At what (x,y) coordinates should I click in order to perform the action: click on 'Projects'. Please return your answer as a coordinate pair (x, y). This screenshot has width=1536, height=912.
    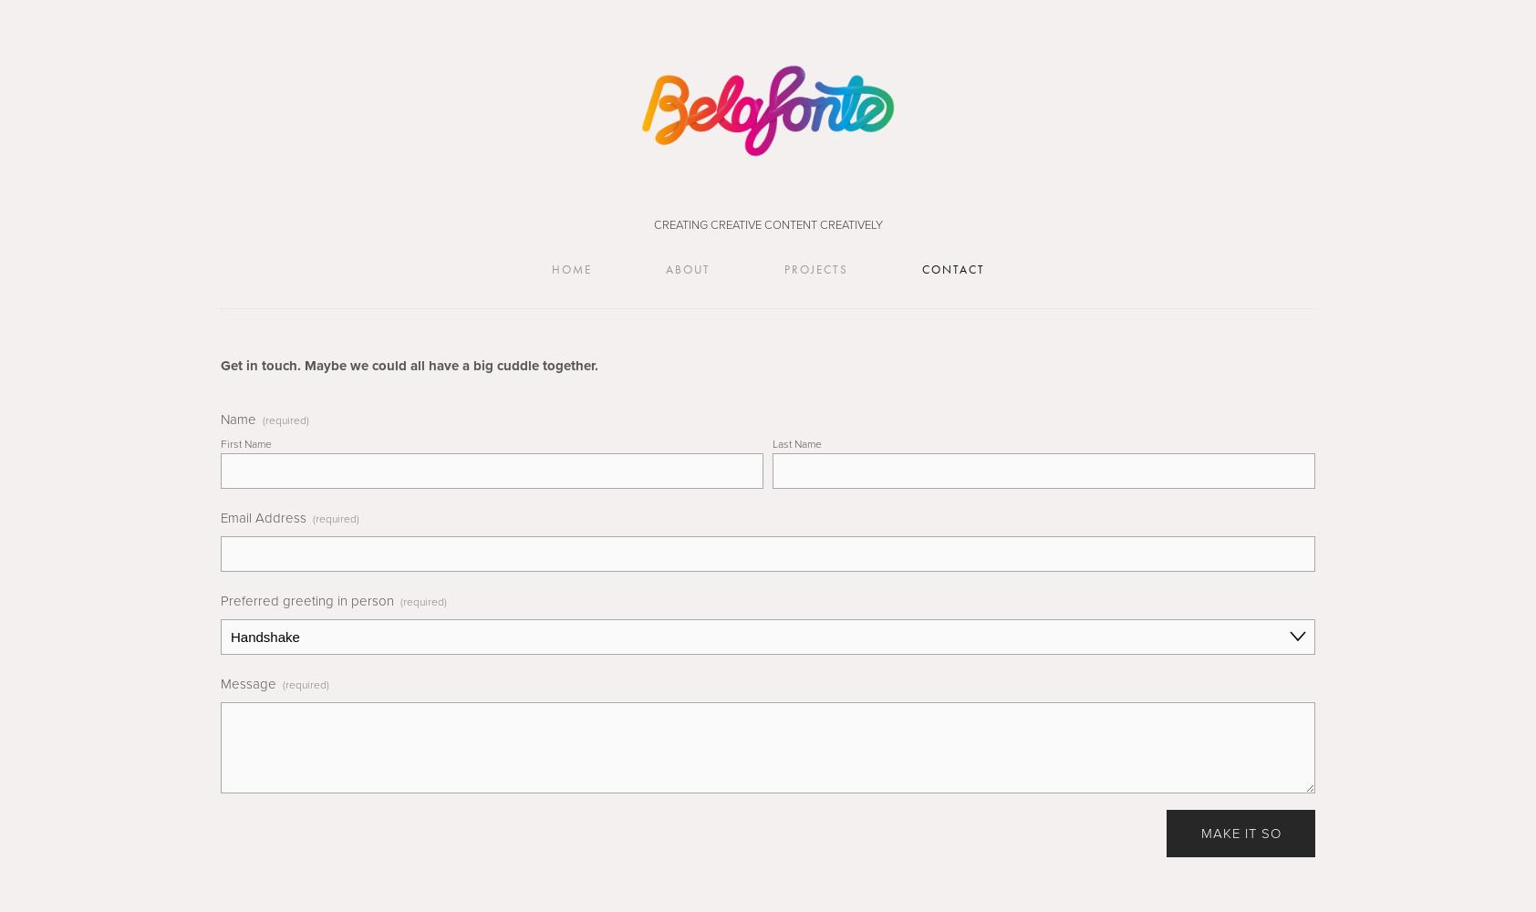
    Looking at the image, I should click on (815, 268).